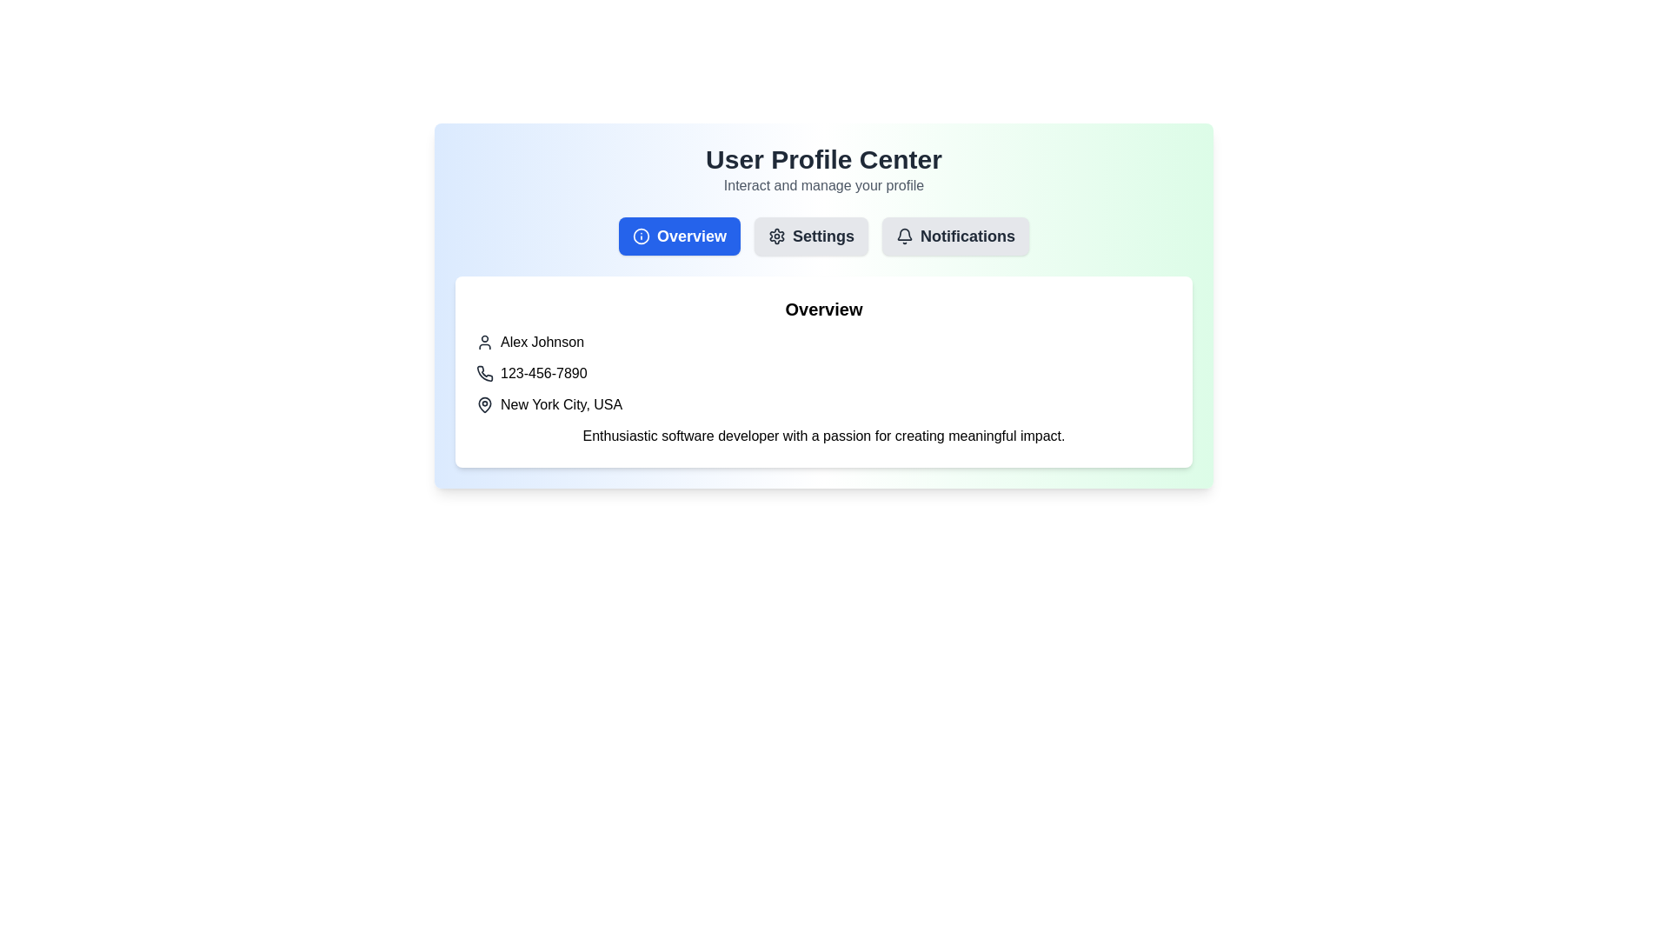 Image resolution: width=1669 pixels, height=939 pixels. What do you see at coordinates (823, 236) in the screenshot?
I see `the 'Overview' button of the Navigation Menu, which is styled with a blue background and white text` at bounding box center [823, 236].